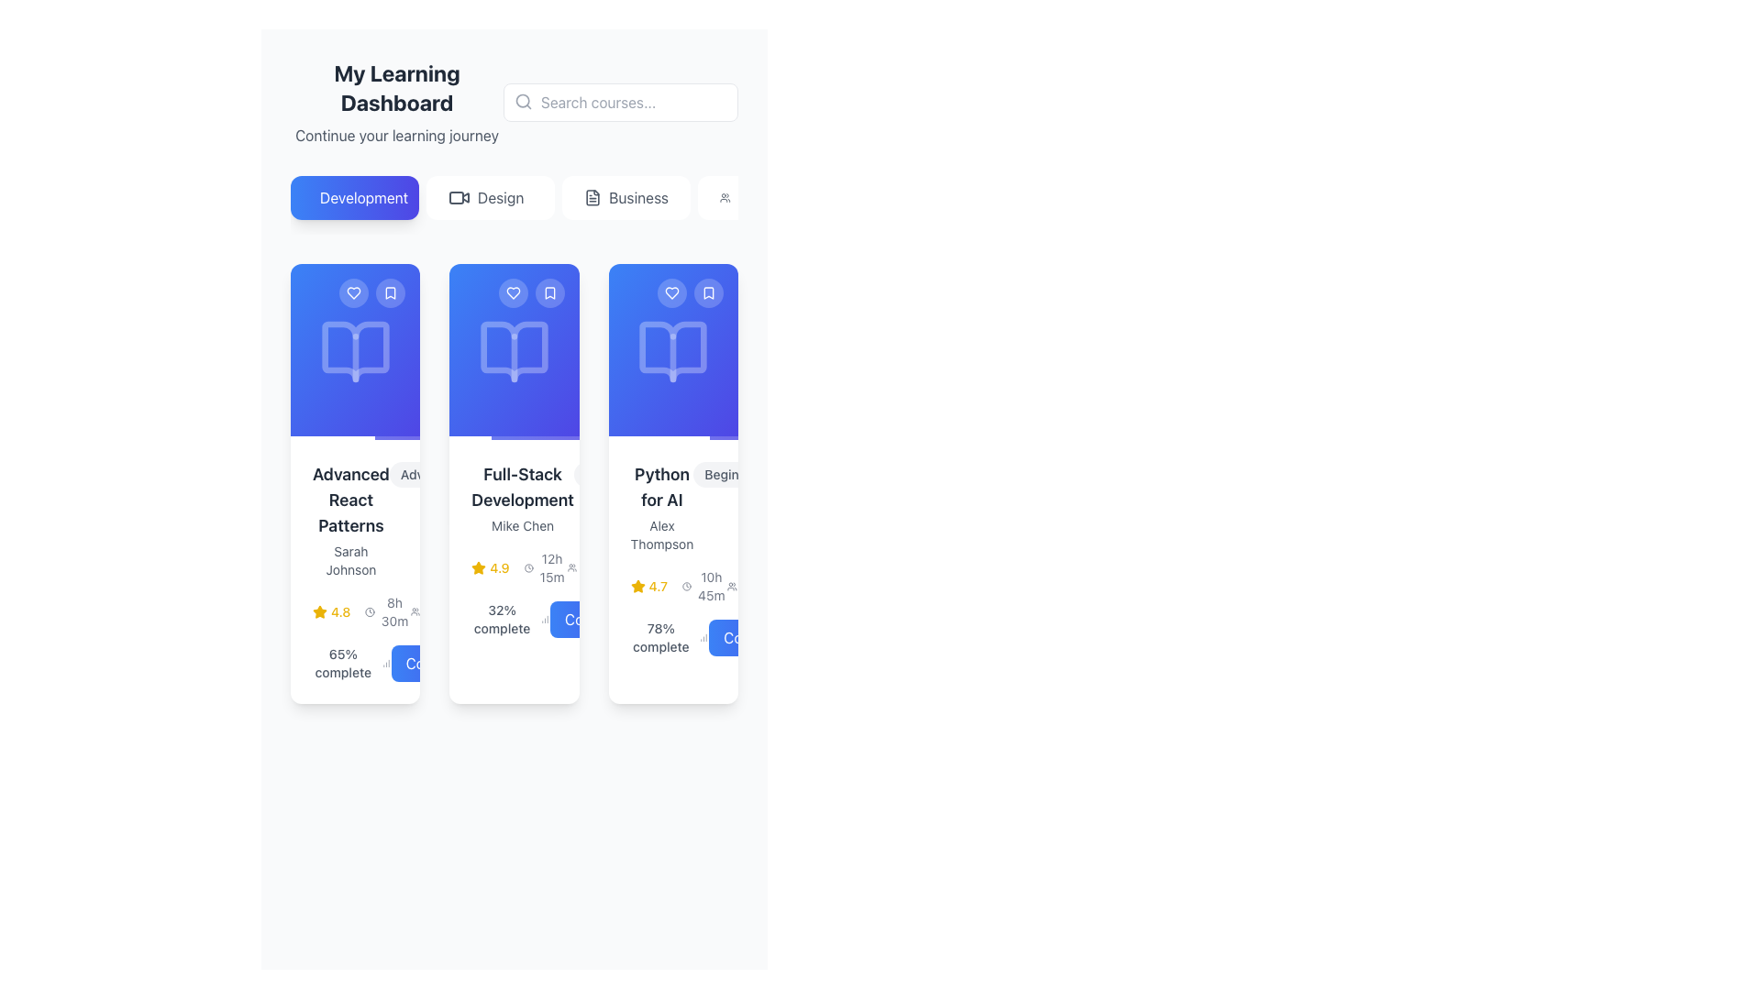 This screenshot has height=990, width=1761. What do you see at coordinates (660, 534) in the screenshot?
I see `the text component displaying 'Alex Thompson', which is located underneath the title 'Python for AI' in the rightmost card, centrally aligned above the star rating and progress information` at bounding box center [660, 534].